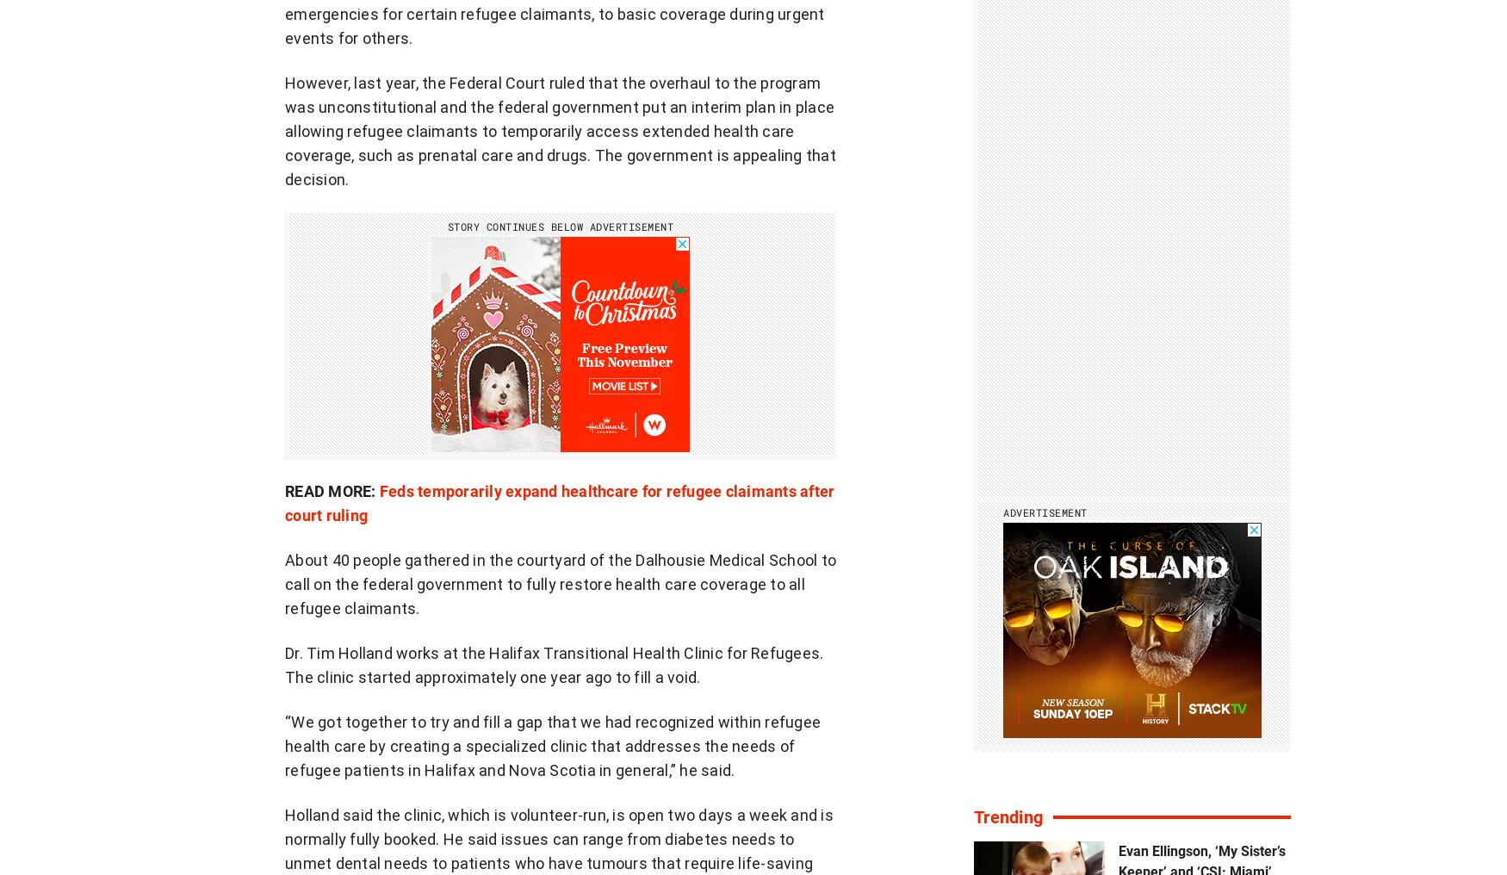  I want to click on 'Smart home', so click(897, 717).